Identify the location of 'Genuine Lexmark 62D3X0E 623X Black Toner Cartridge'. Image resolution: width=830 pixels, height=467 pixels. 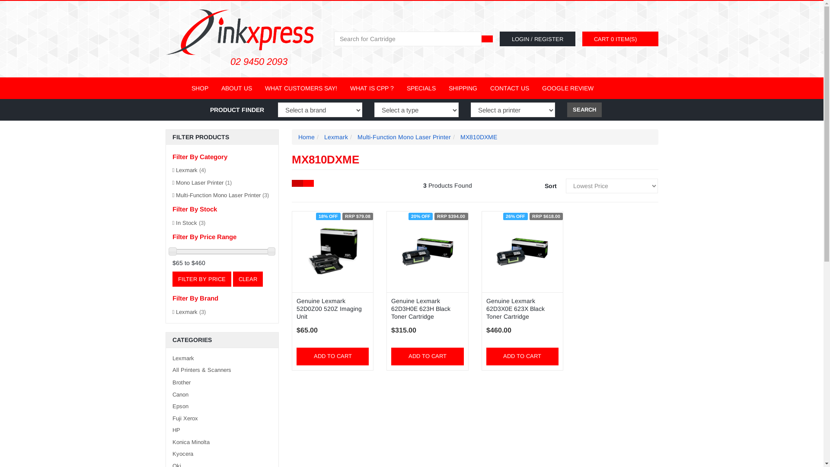
(515, 308).